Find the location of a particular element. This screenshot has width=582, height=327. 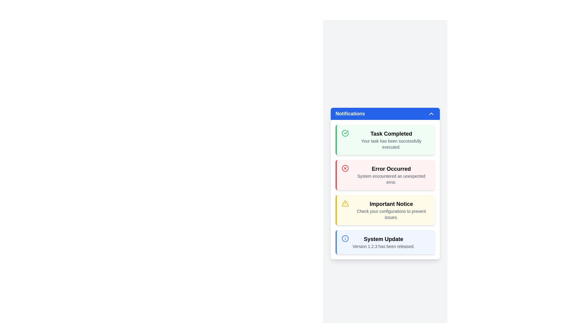

the text label providing additional information related to the 'Important Notice' notification, which is the third card in the list of notifications is located at coordinates (391, 214).